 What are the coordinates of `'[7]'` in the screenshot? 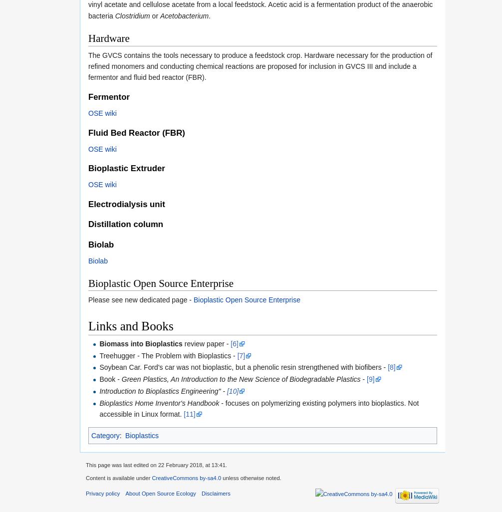 It's located at (240, 355).